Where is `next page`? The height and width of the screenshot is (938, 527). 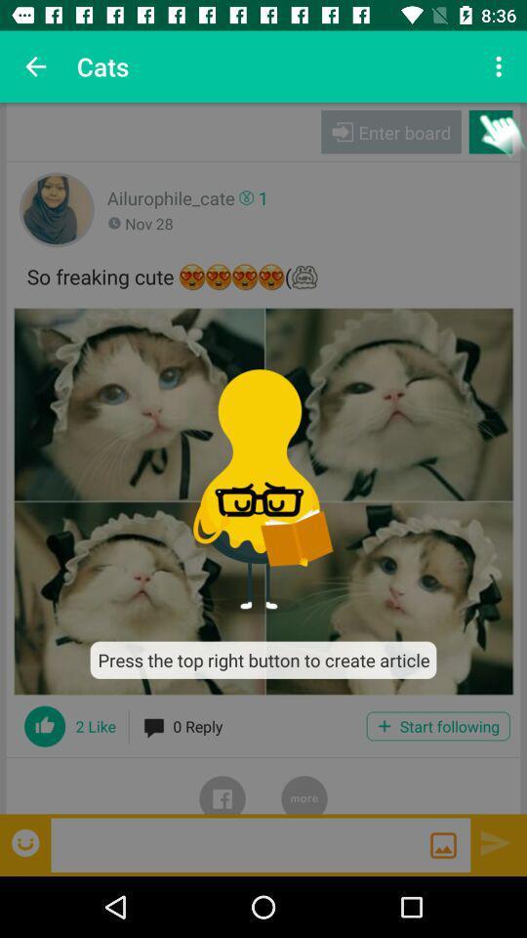 next page is located at coordinates (496, 841).